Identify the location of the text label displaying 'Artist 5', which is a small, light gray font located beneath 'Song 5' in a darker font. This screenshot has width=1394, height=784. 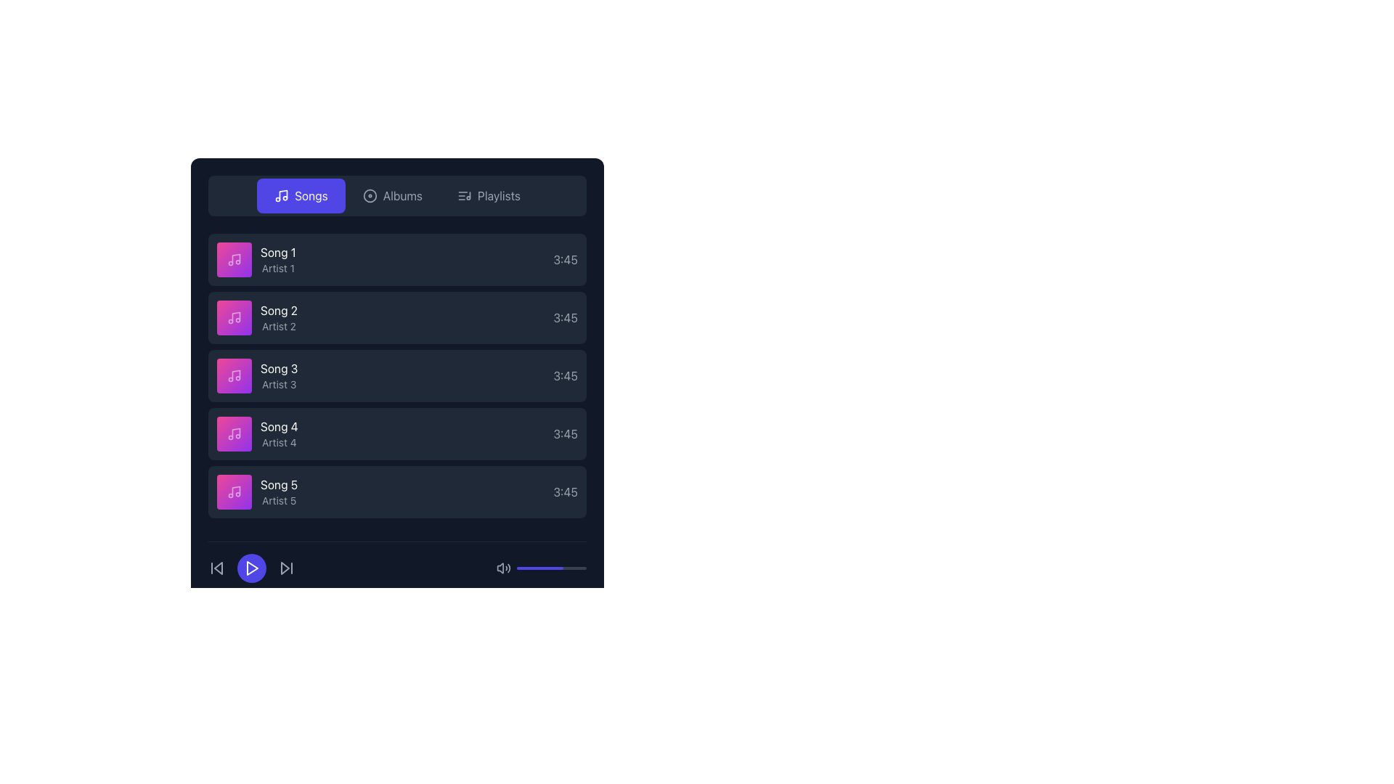
(279, 500).